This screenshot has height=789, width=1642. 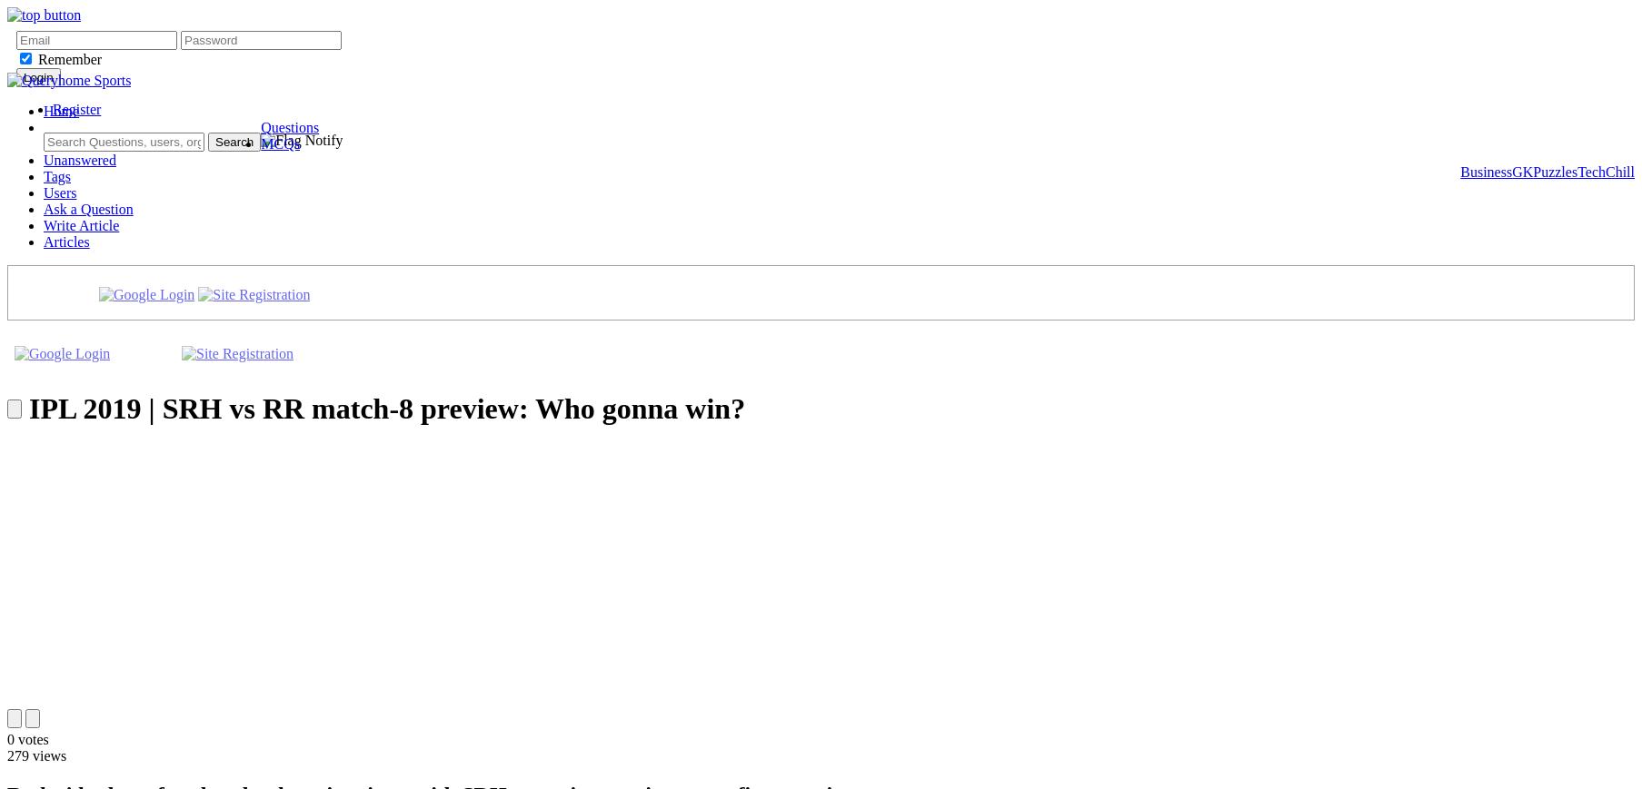 I want to click on 'Tags', so click(x=56, y=175).